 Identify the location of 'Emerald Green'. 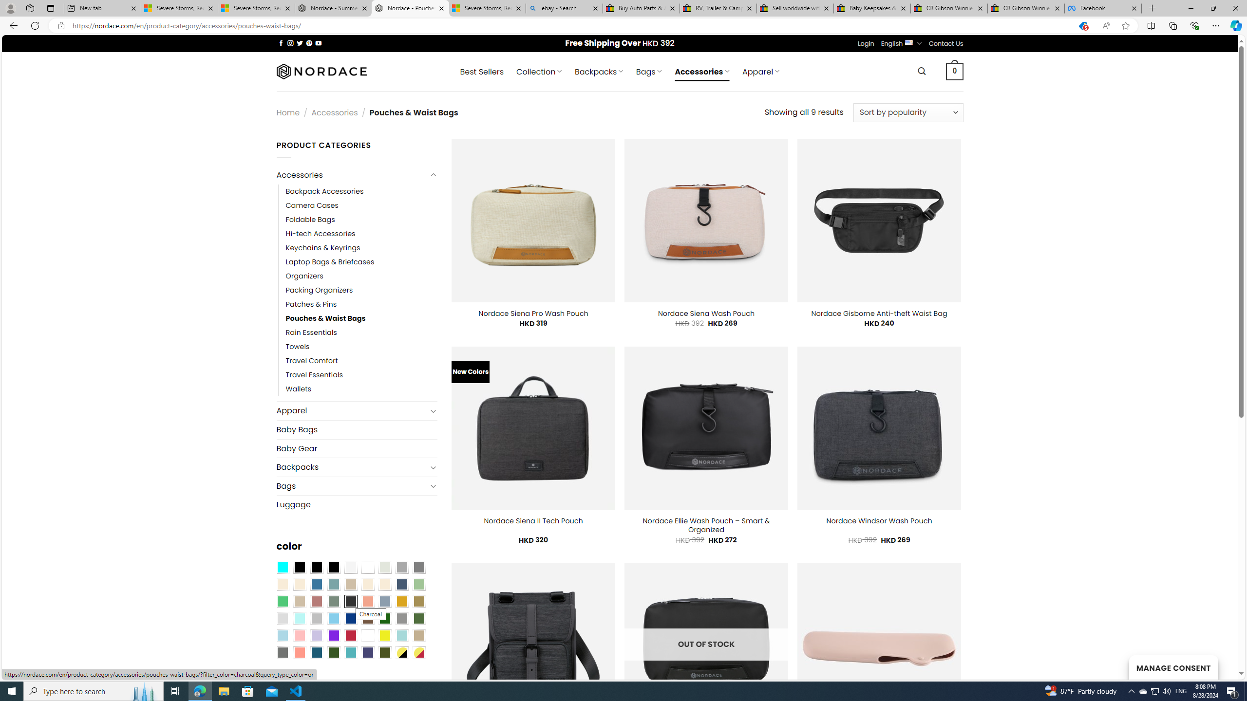
(282, 601).